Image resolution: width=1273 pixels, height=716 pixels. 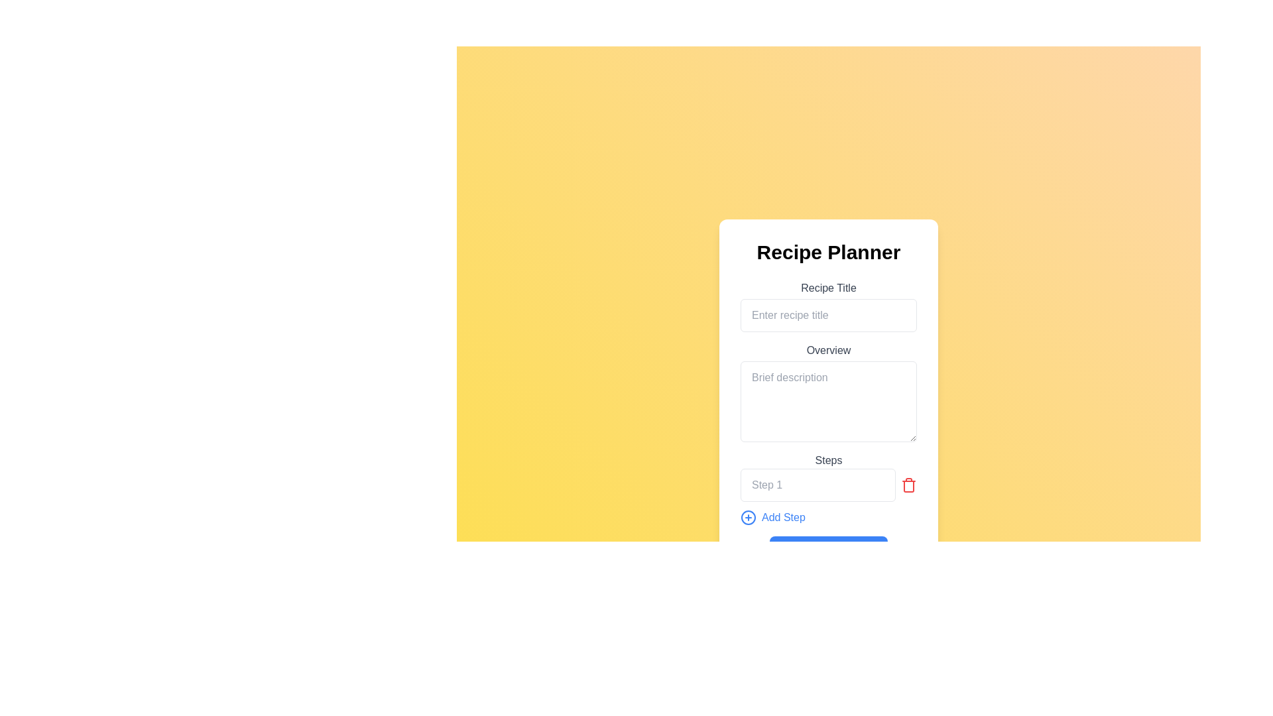 What do you see at coordinates (748, 516) in the screenshot?
I see `the circular decorative element that symbolizes the 'Add' functionality located centrally within the 'Add Step' button area at the bottom of the interface` at bounding box center [748, 516].